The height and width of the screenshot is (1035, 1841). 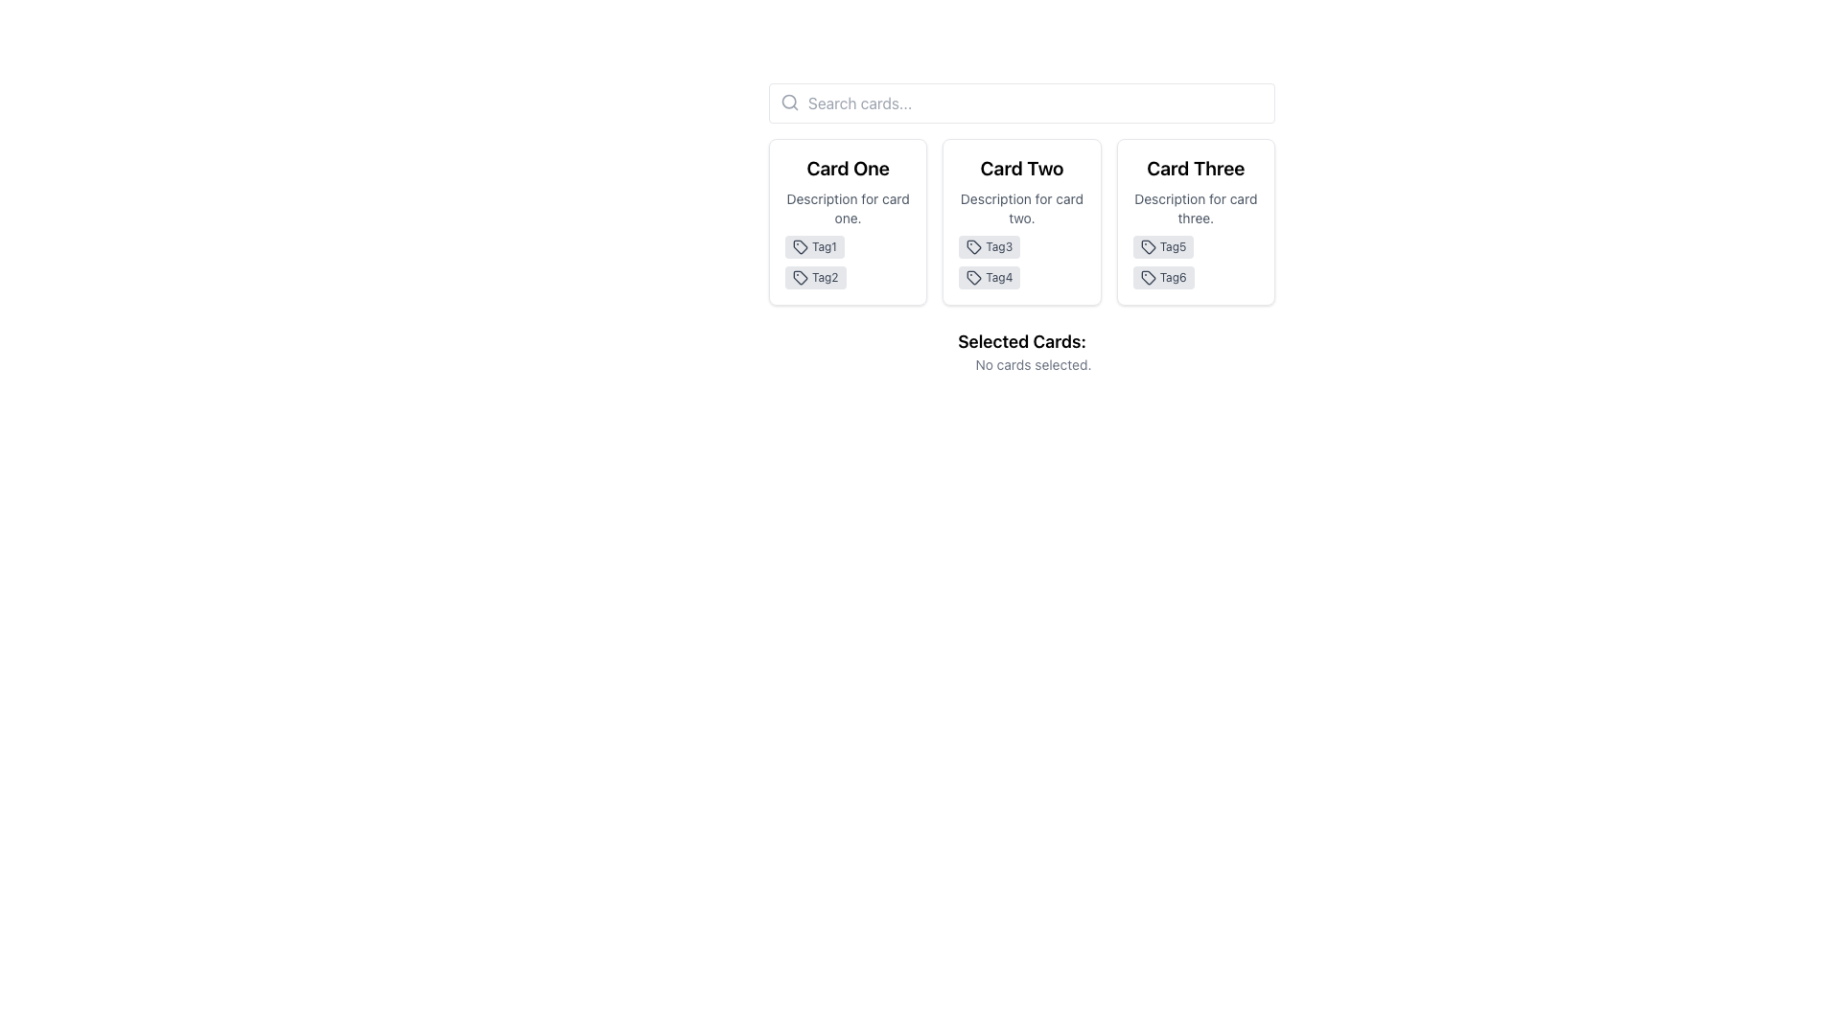 What do you see at coordinates (1195, 209) in the screenshot?
I see `the text block that reads 'Description for card three', which is styled in gray color and is located beneath the card title of 'Card Three'` at bounding box center [1195, 209].